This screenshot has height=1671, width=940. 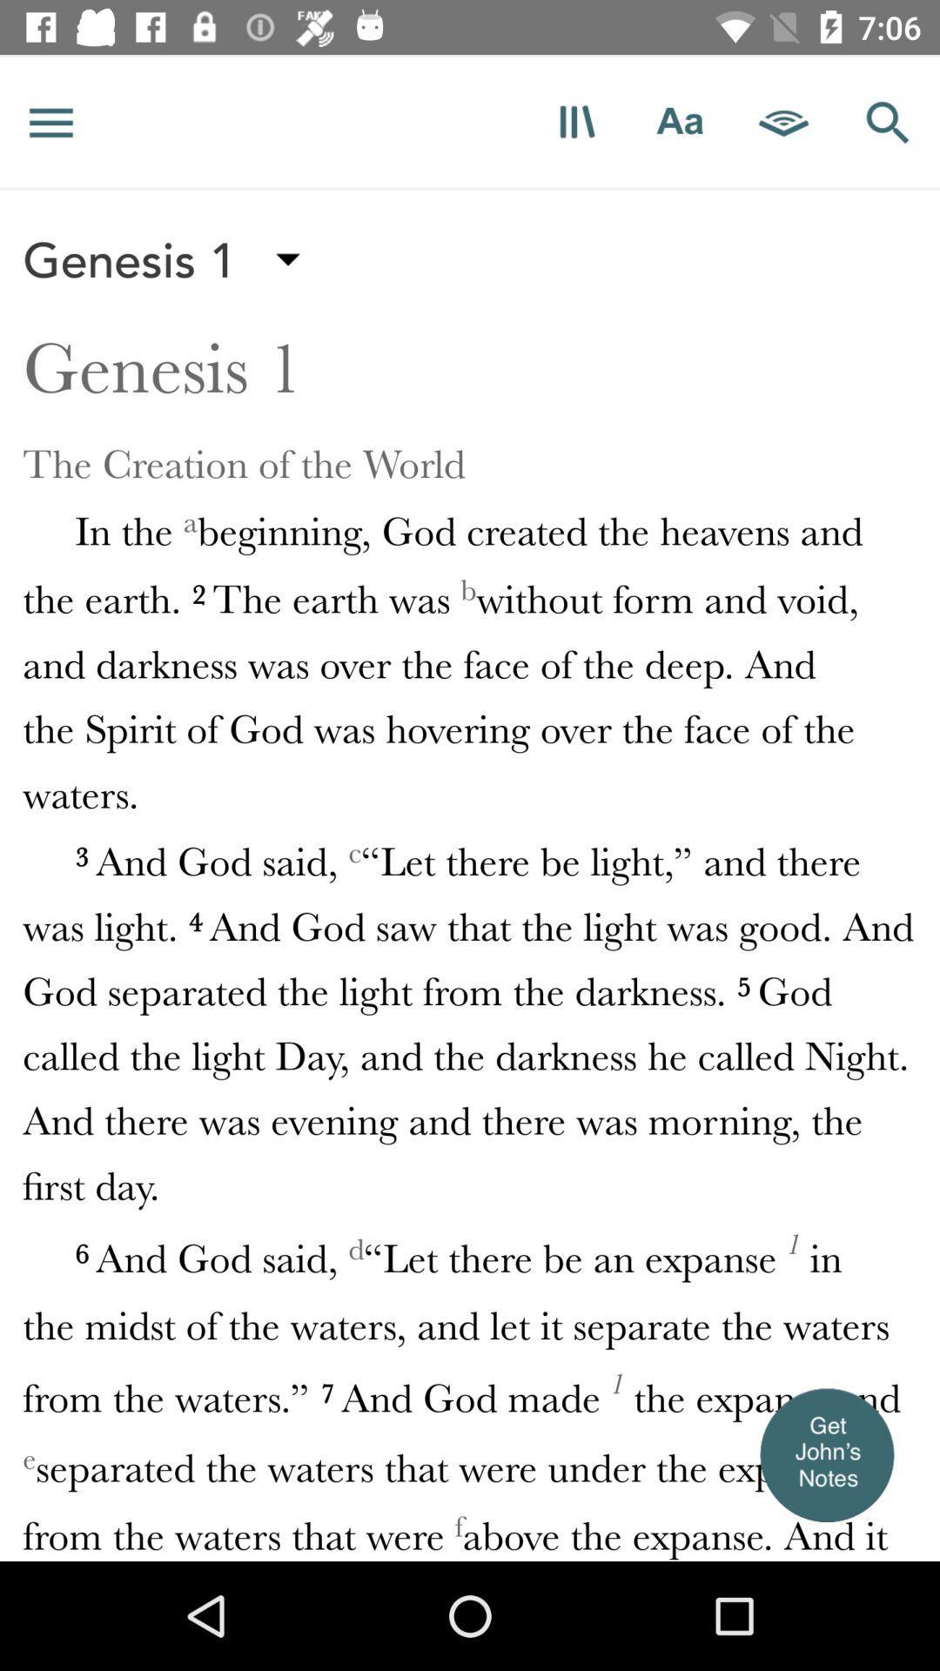 I want to click on options, so click(x=50, y=121).